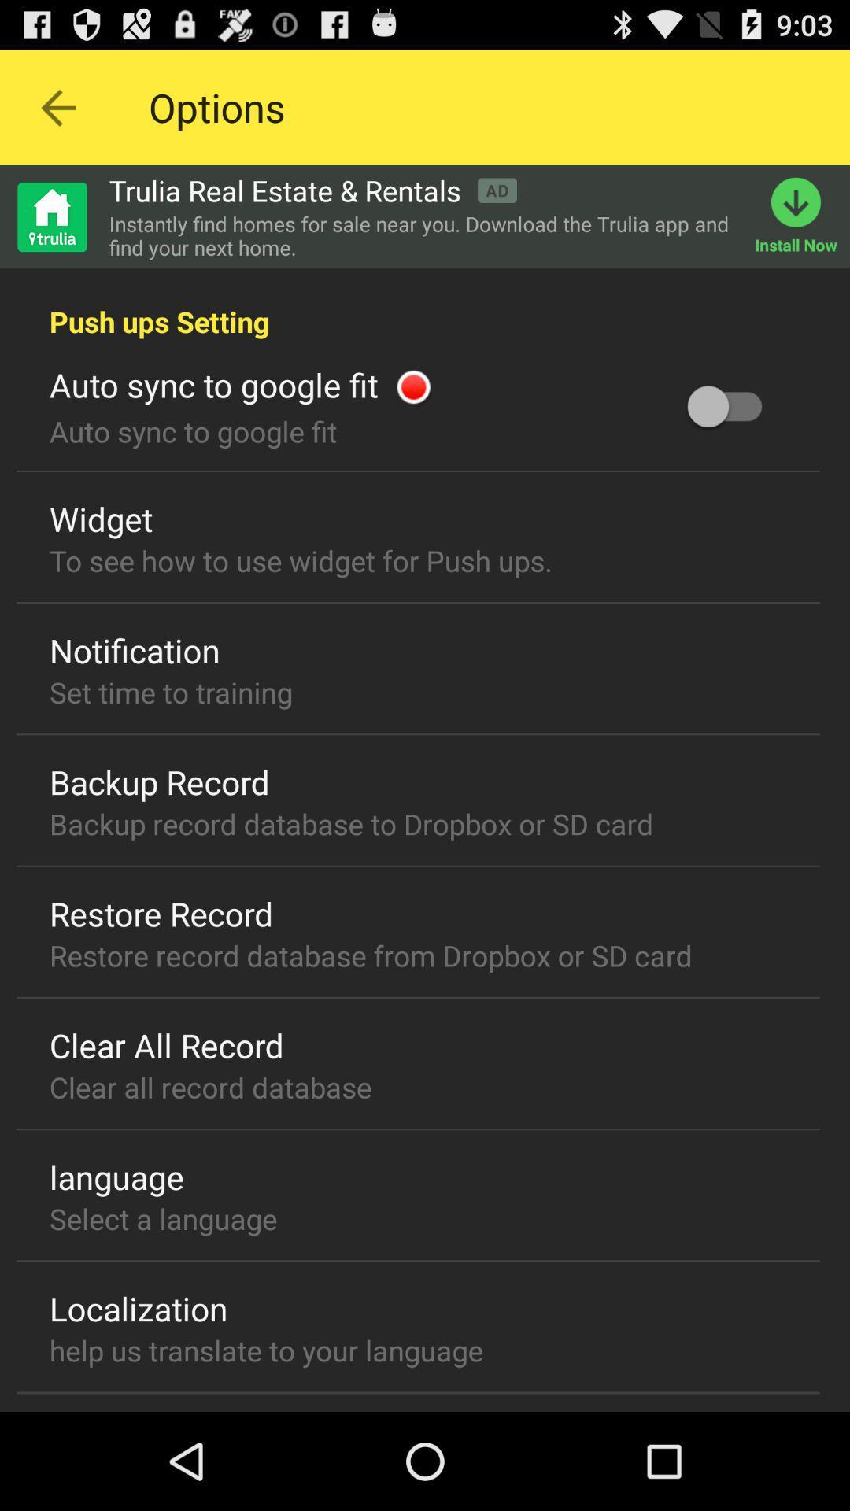 This screenshot has width=850, height=1511. Describe the element at coordinates (57, 106) in the screenshot. I see `go back` at that location.